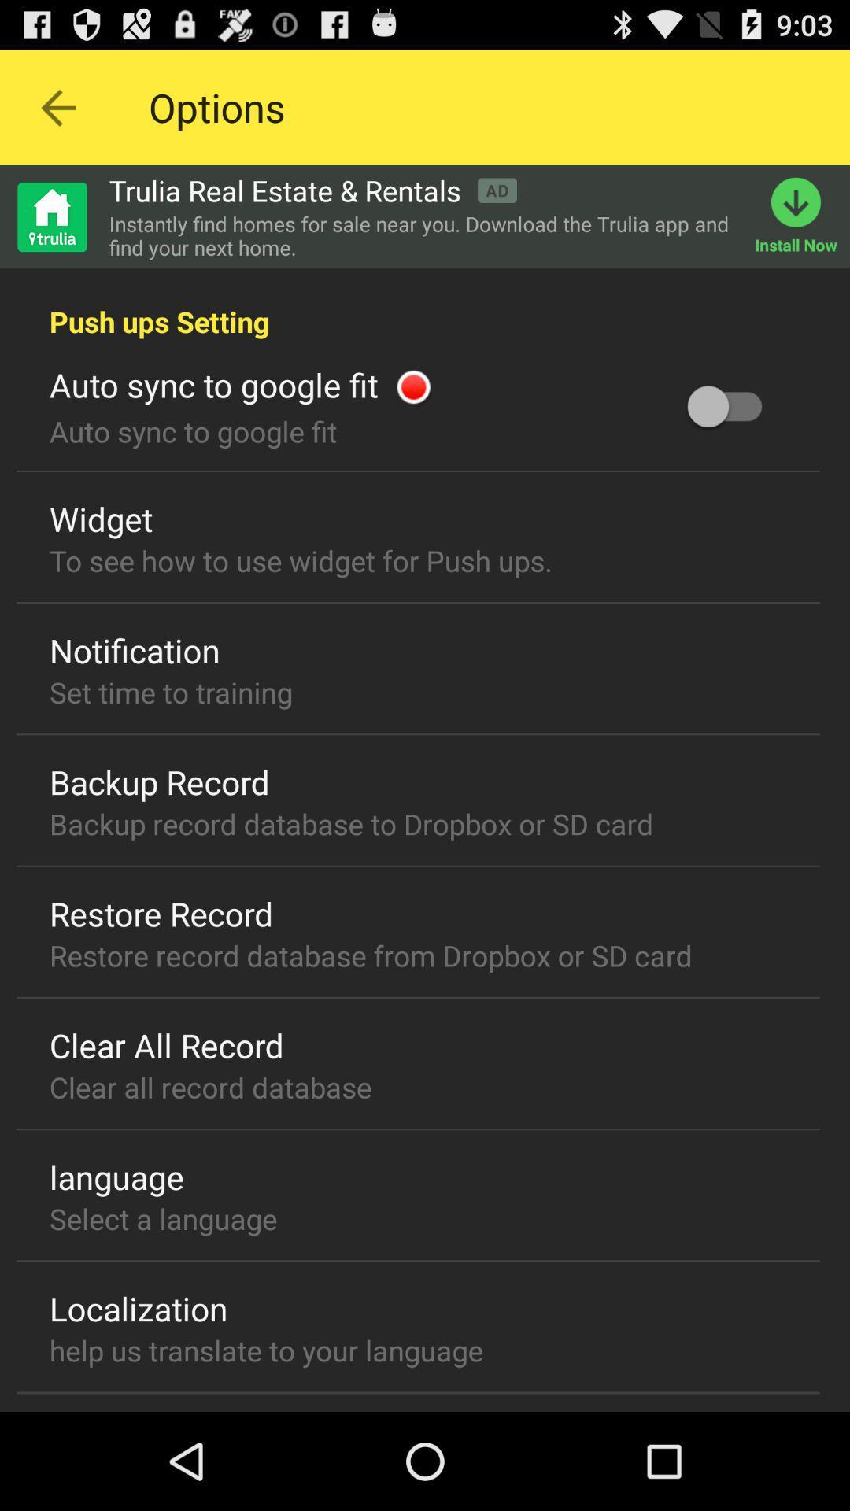 This screenshot has width=850, height=1511. Describe the element at coordinates (57, 106) in the screenshot. I see `go back` at that location.